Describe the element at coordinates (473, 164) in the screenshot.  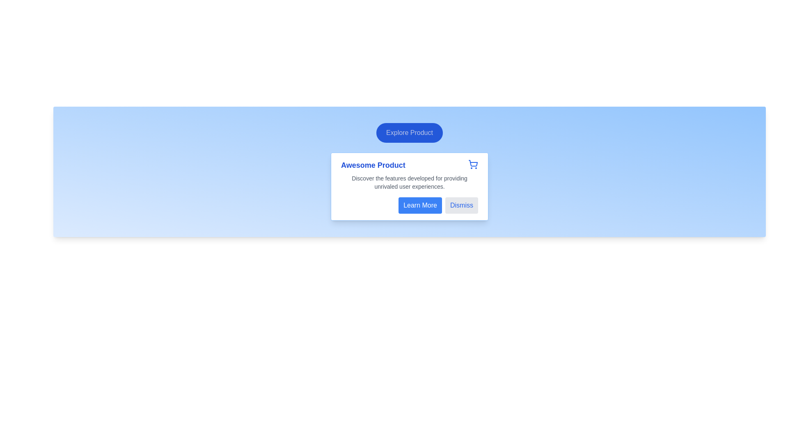
I see `the blue shopping cart icon located in the top-right corner of the product details card for additional options` at that location.